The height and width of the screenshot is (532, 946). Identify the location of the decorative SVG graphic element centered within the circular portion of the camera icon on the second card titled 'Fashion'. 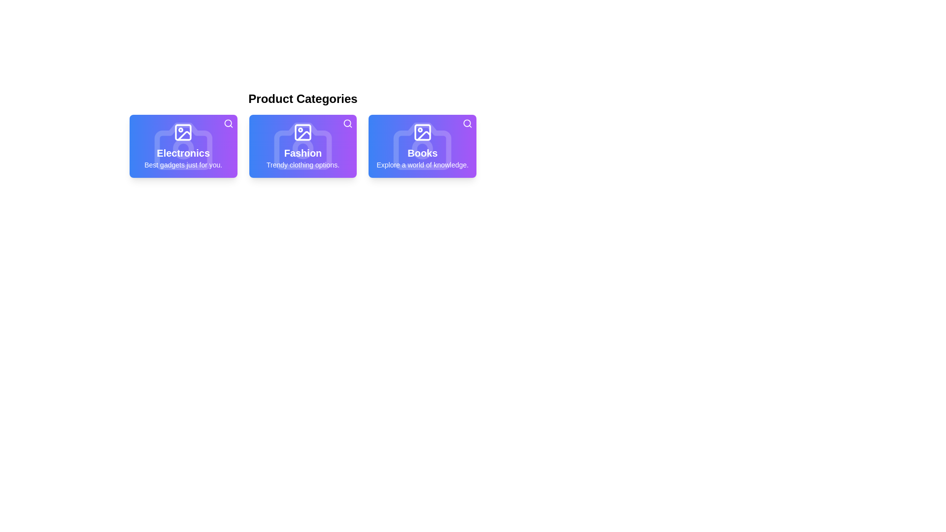
(302, 148).